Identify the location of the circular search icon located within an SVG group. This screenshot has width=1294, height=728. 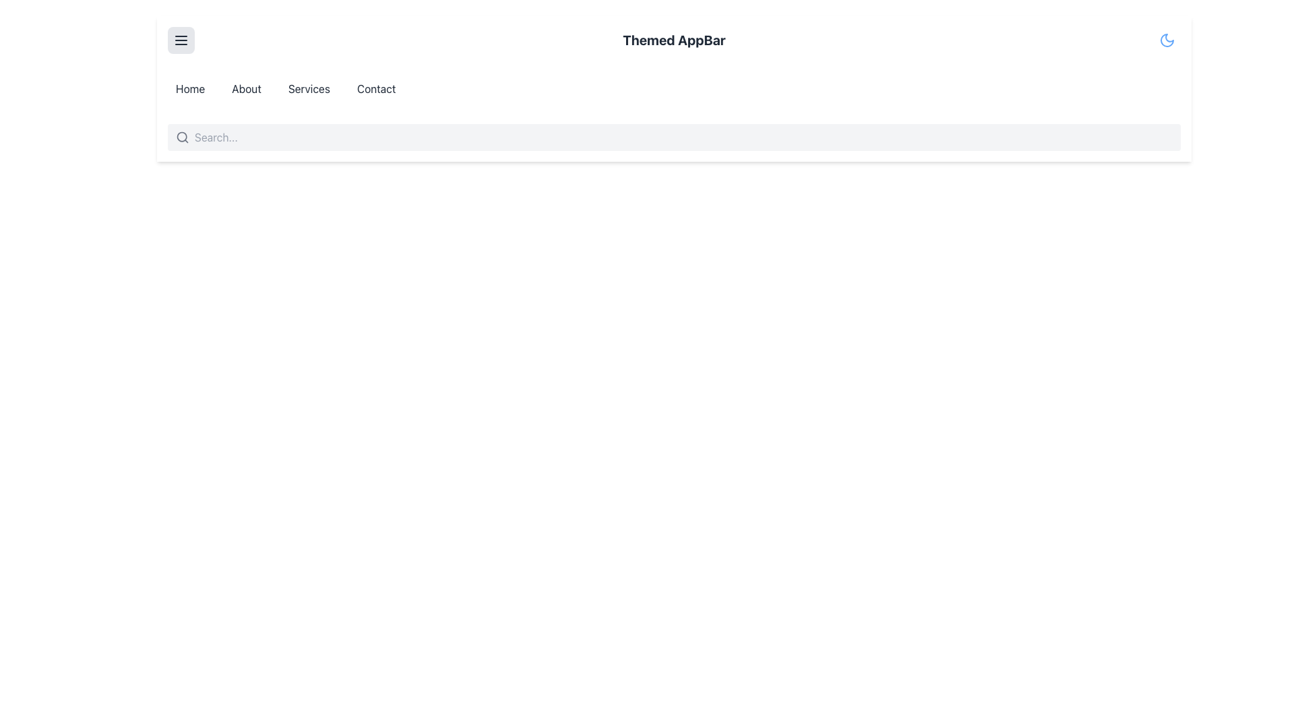
(181, 137).